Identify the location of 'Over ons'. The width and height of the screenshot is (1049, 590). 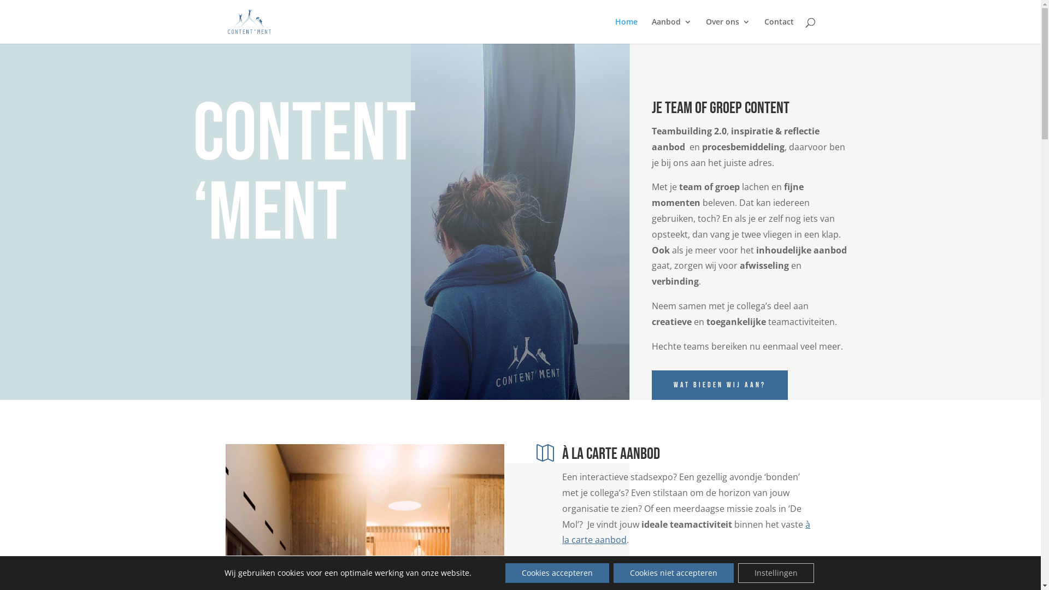
(728, 30).